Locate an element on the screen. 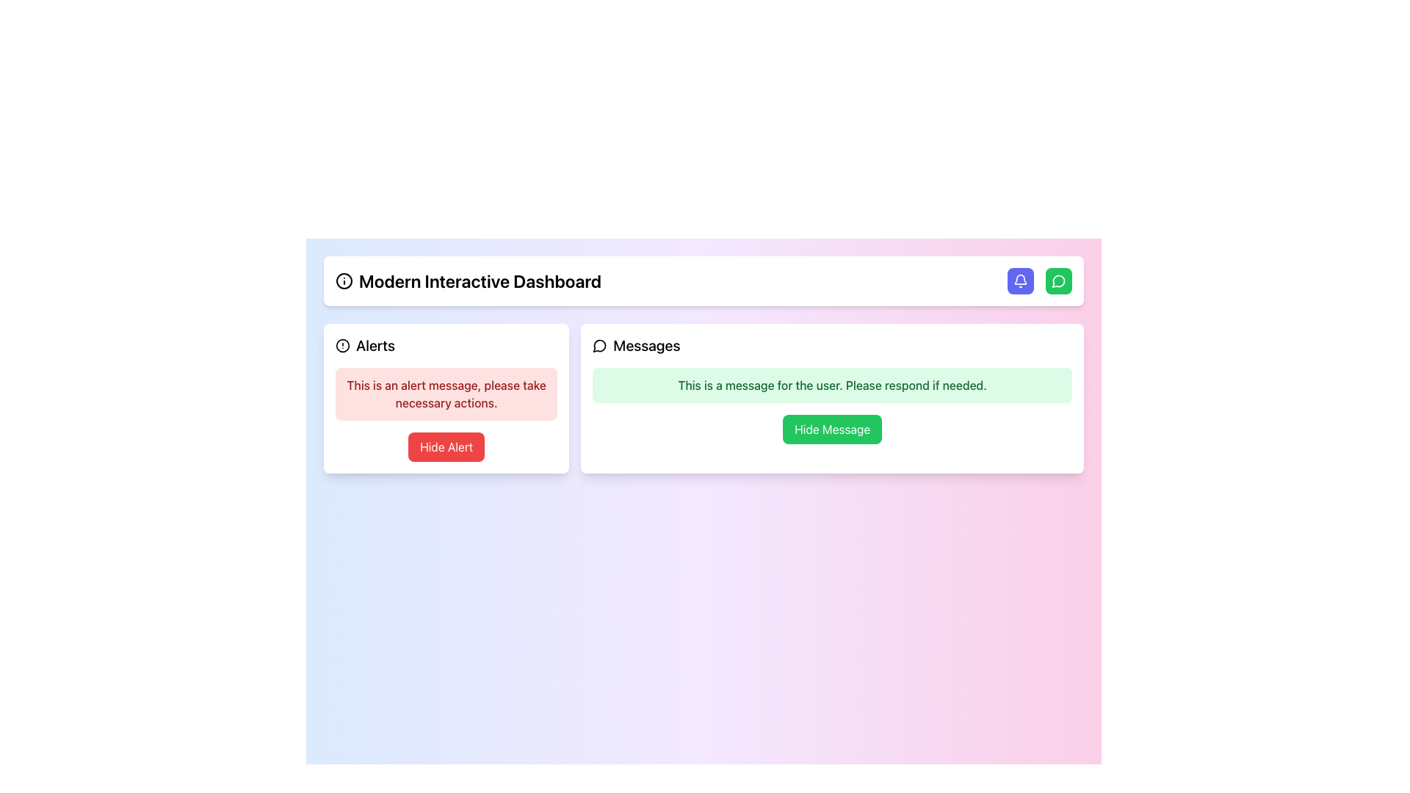 This screenshot has height=793, width=1410. the decorative Graphical Circle that indicates alert status in the 'Alerts' section of the dashboard is located at coordinates (341, 345).